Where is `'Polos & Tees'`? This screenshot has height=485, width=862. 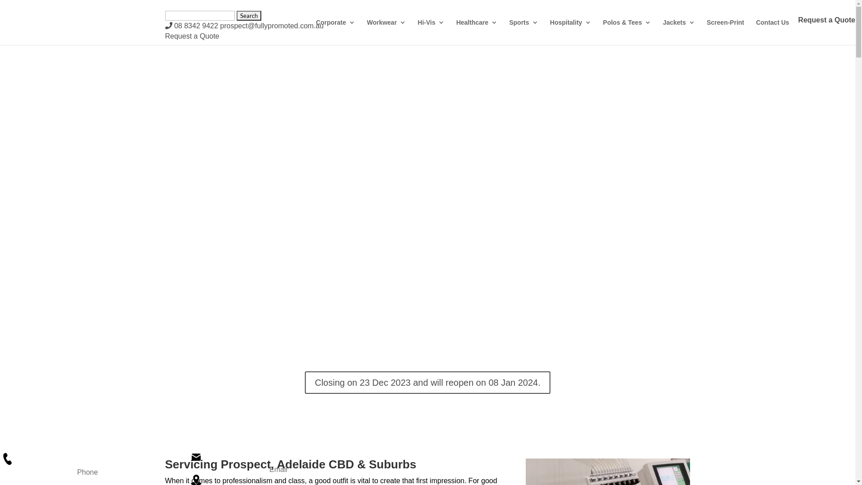
'Polos & Tees' is located at coordinates (626, 29).